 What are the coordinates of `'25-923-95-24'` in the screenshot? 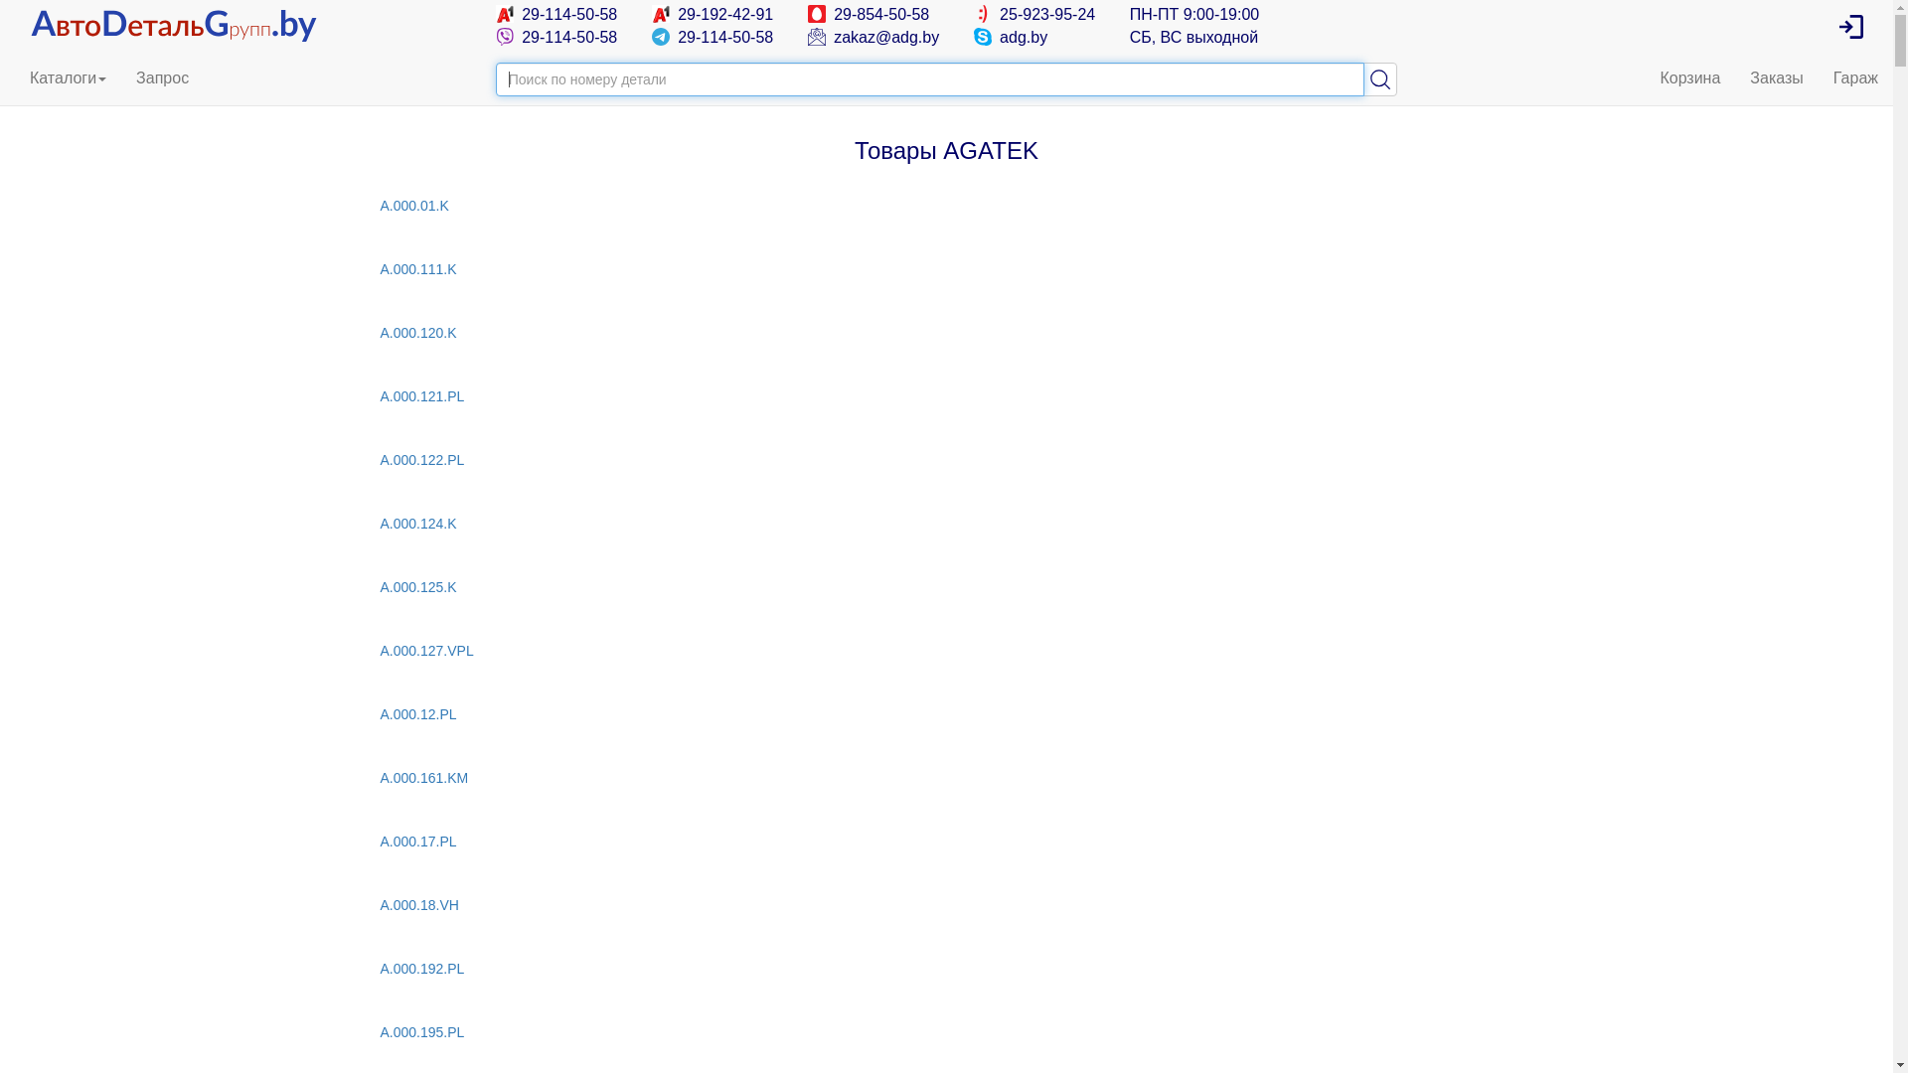 It's located at (973, 14).